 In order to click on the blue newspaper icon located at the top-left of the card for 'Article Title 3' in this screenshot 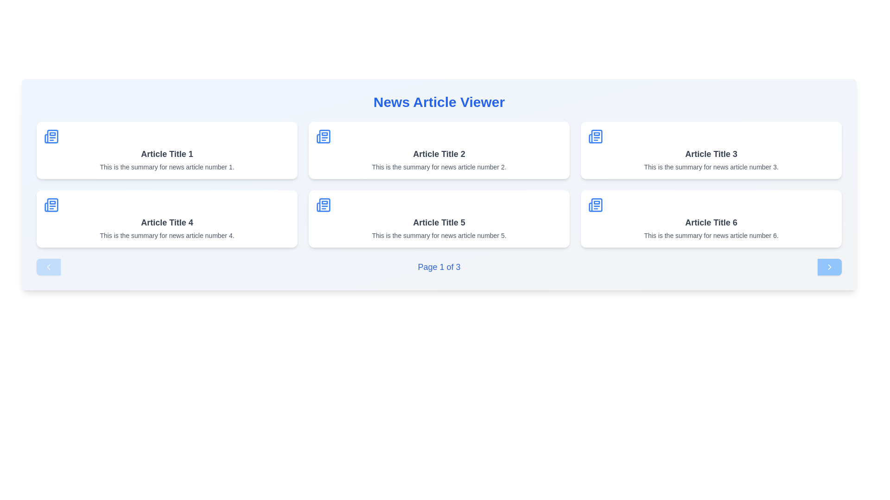, I will do `click(596, 136)`.